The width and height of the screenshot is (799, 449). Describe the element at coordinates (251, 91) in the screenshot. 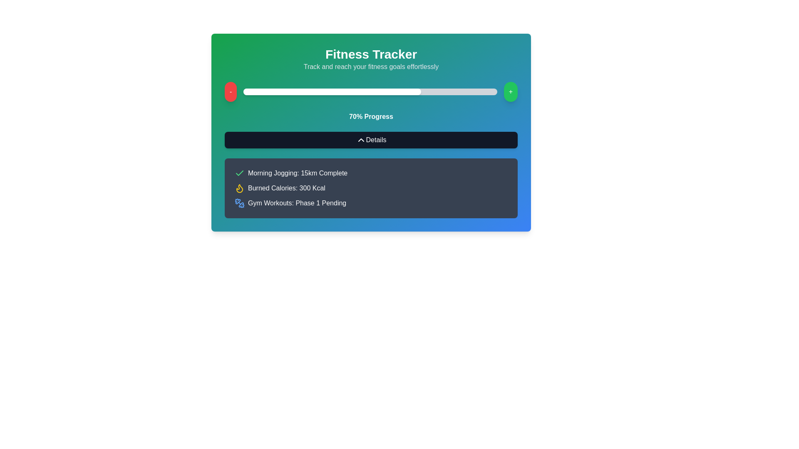

I see `progress` at that location.